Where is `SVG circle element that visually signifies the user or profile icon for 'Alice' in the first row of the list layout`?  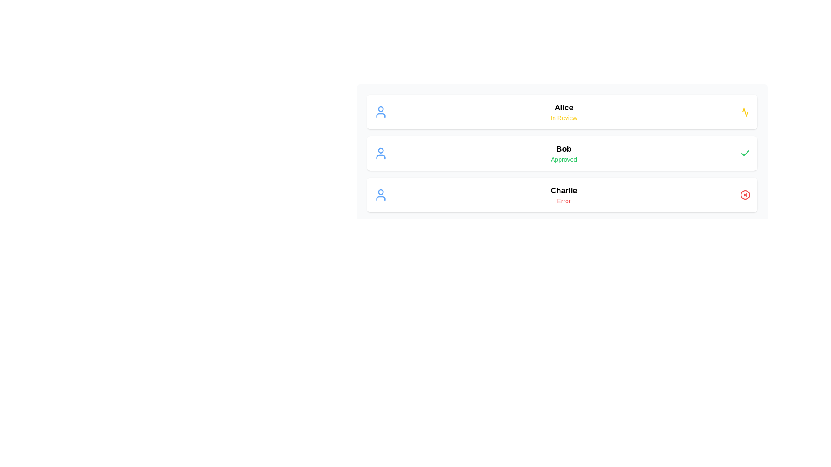 SVG circle element that visually signifies the user or profile icon for 'Alice' in the first row of the list layout is located at coordinates (380, 108).